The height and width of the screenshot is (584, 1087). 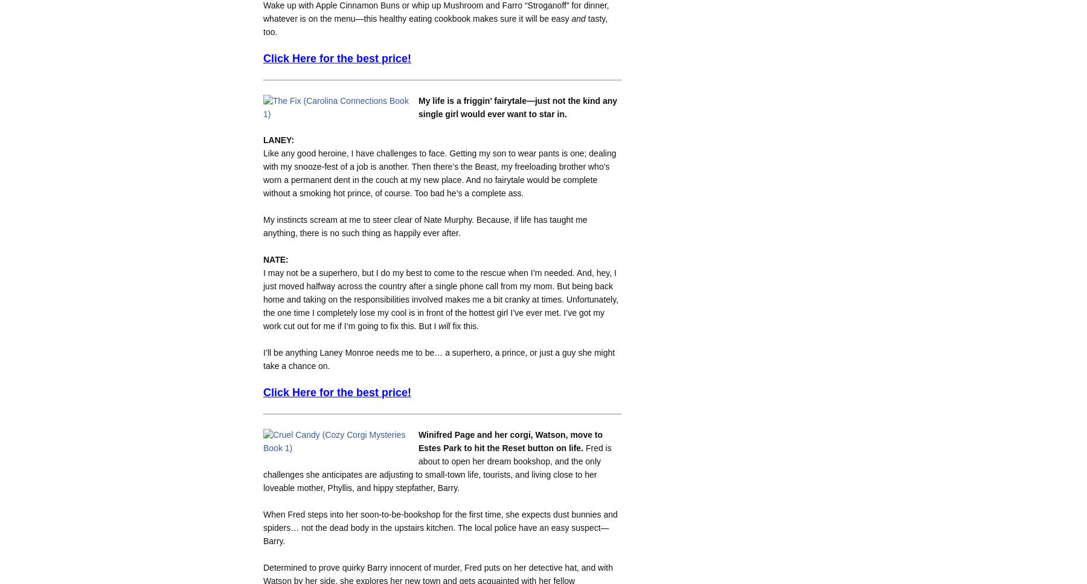 I want to click on 'My life is a friggin’ fairytale—just not the kind any single girl would ever want to star in.', so click(x=518, y=106).